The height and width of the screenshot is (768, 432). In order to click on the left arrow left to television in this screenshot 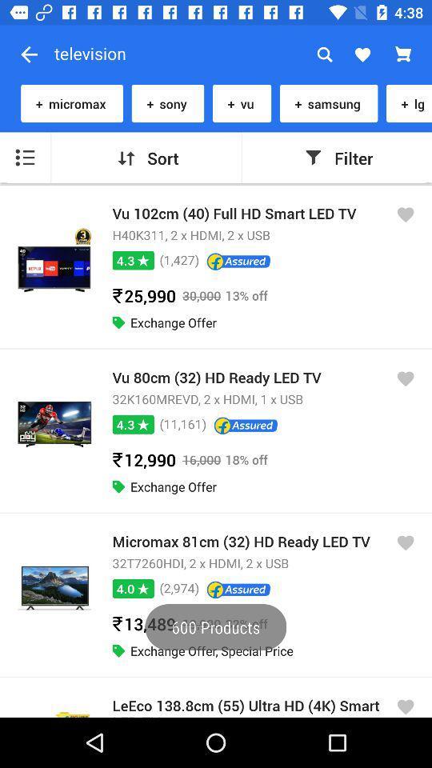, I will do `click(29, 54)`.